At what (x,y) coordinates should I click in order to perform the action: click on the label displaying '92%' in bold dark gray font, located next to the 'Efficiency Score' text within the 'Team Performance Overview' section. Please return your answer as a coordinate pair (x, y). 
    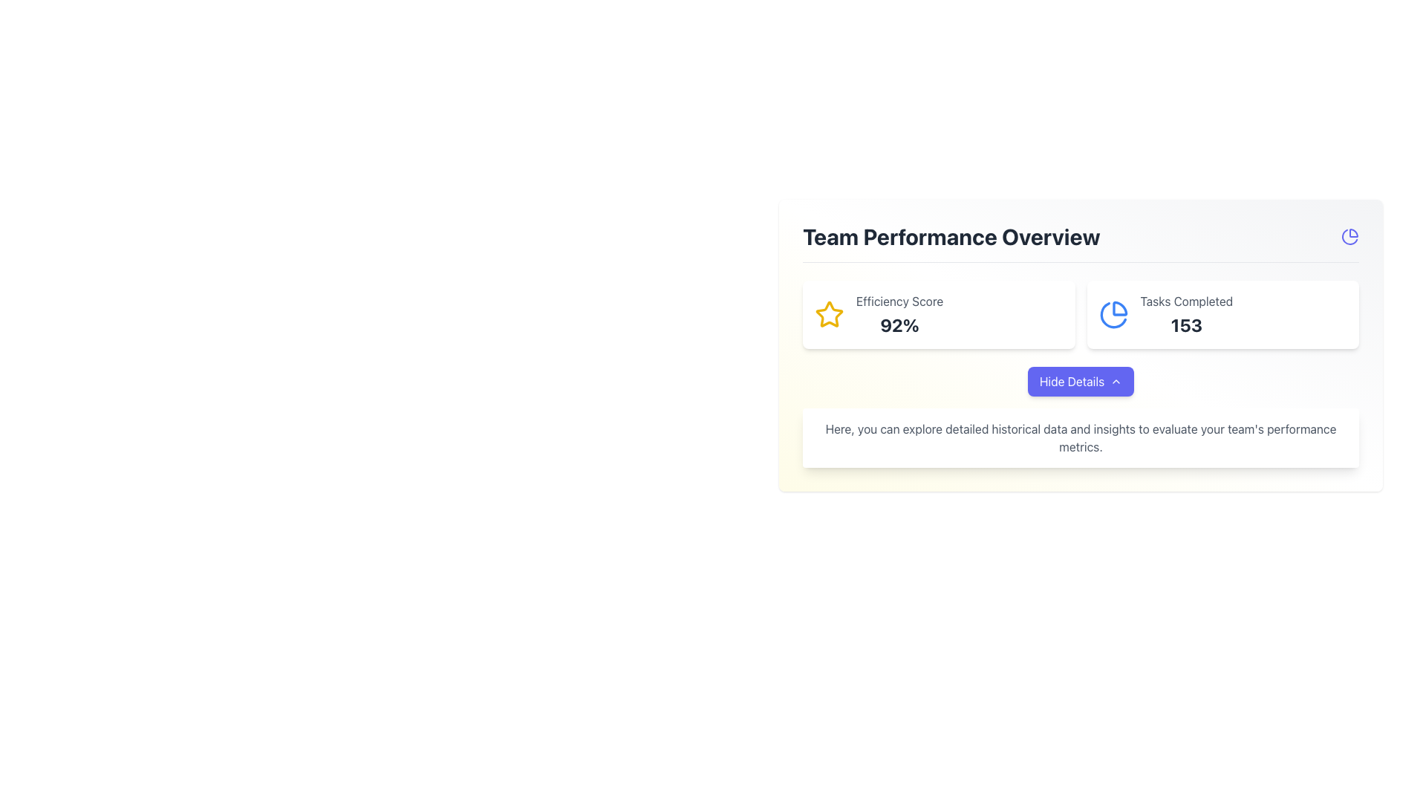
    Looking at the image, I should click on (899, 325).